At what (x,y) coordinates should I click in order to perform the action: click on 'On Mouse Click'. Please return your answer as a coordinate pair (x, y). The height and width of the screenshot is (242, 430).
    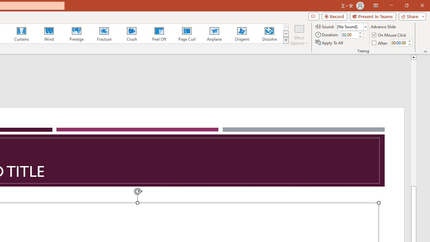
    Looking at the image, I should click on (389, 35).